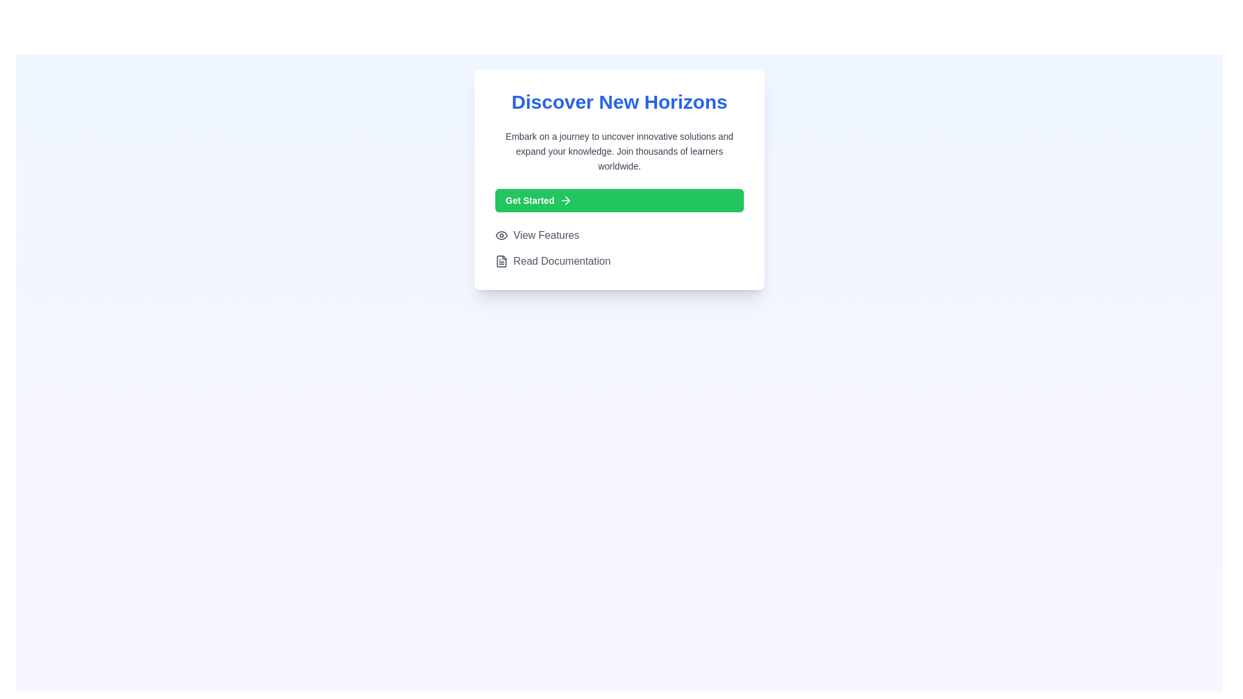 The image size is (1243, 699). I want to click on the icon located on the left side of the 'Read Documentation' button, which serves as a visual cue for accessing documentation, so click(500, 261).